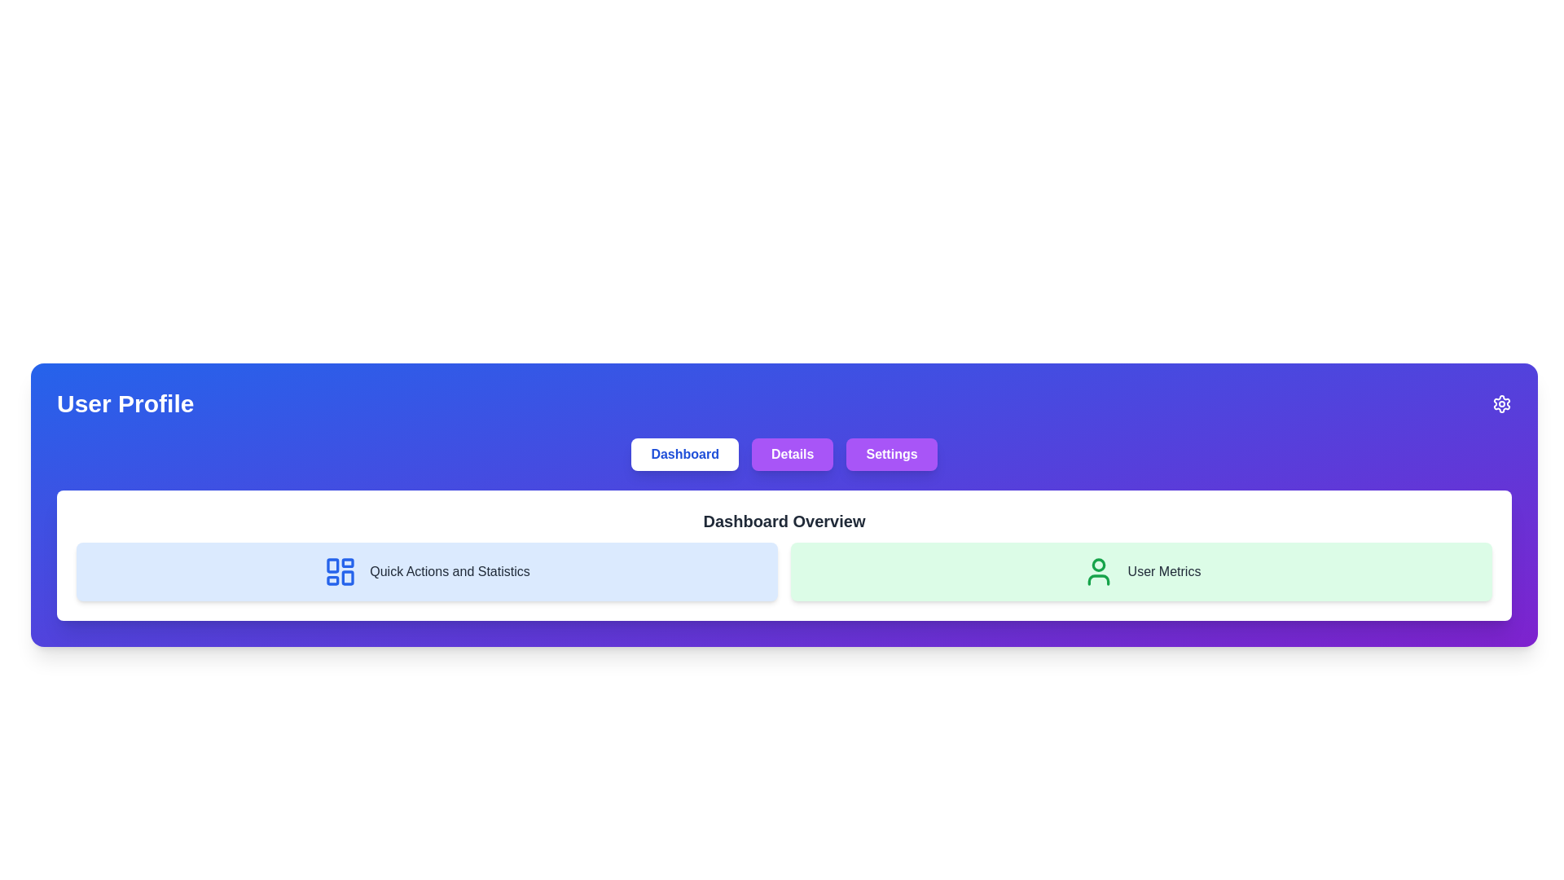 The image size is (1564, 880). I want to click on the Text Label that serves as a header or title for the section below the navigation bar, so click(784, 521).